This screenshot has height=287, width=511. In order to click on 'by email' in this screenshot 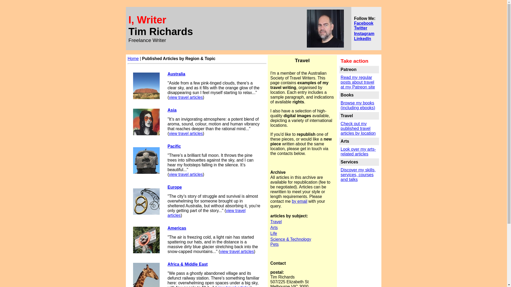, I will do `click(299, 201)`.